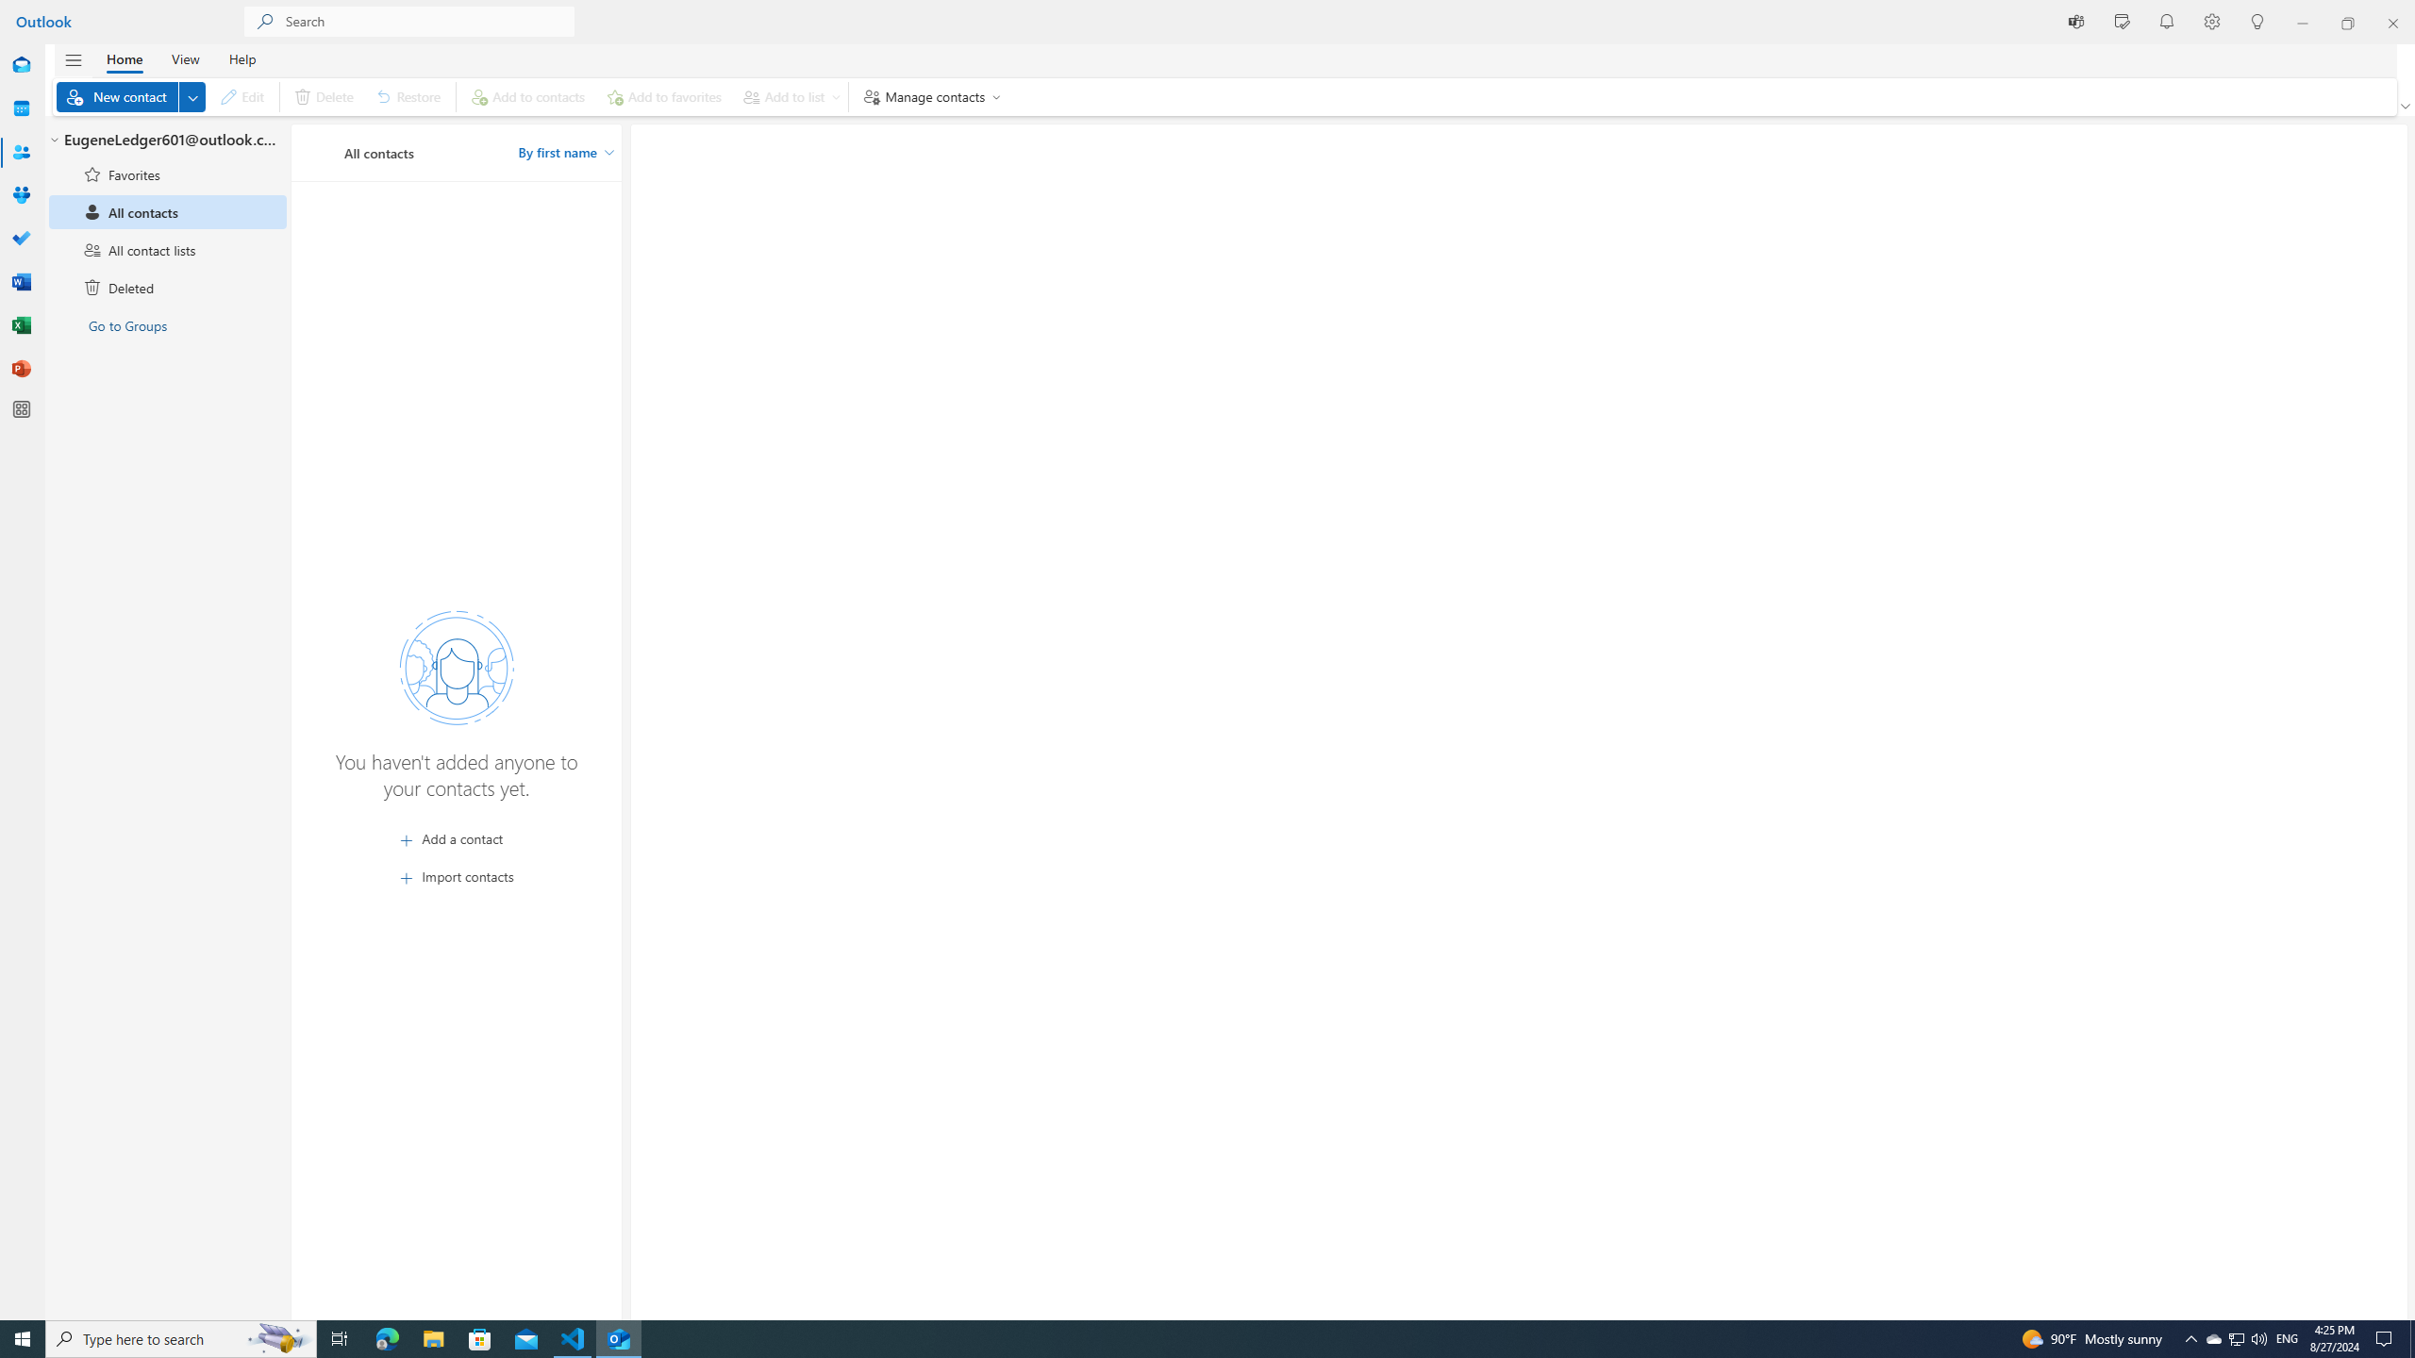  What do you see at coordinates (123, 58) in the screenshot?
I see `'Home'` at bounding box center [123, 58].